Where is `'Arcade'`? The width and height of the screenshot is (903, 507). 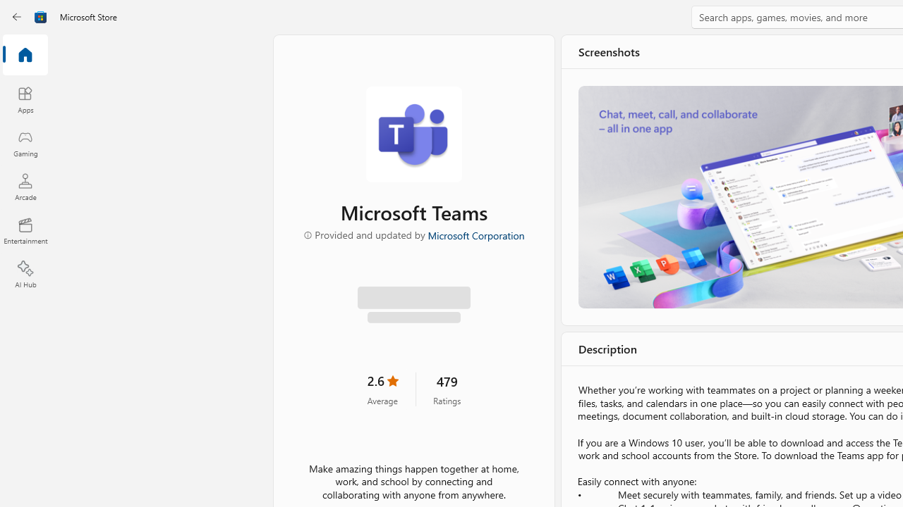 'Arcade' is located at coordinates (25, 186).